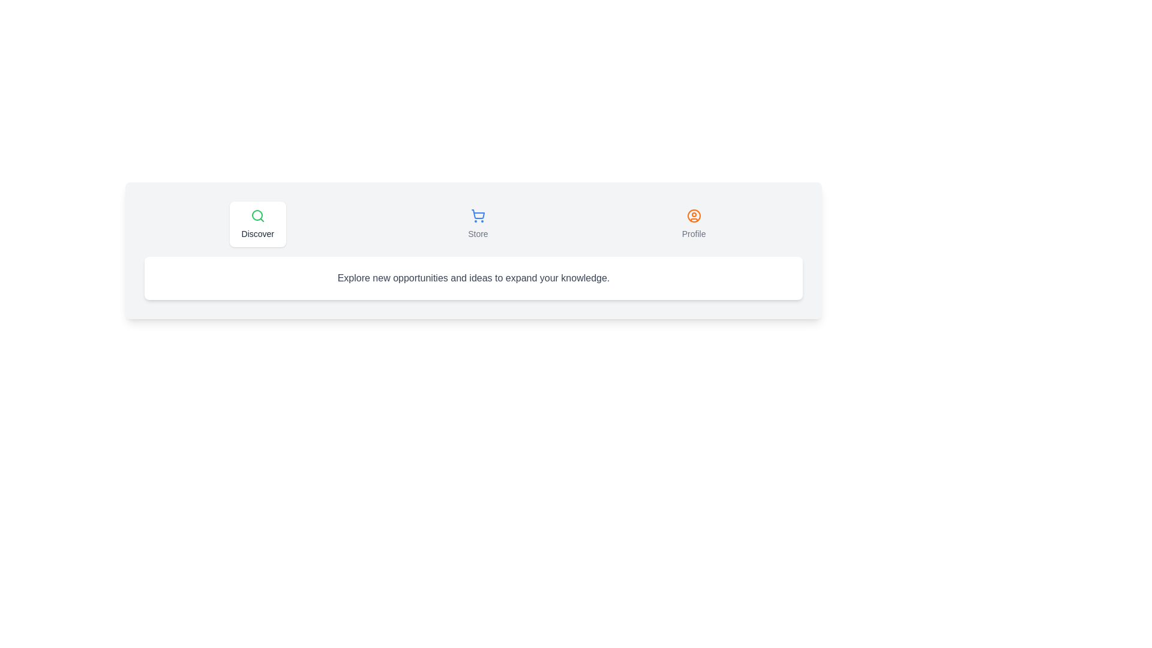 The image size is (1152, 648). I want to click on the tab labeled Store to display its associated content, so click(477, 224).